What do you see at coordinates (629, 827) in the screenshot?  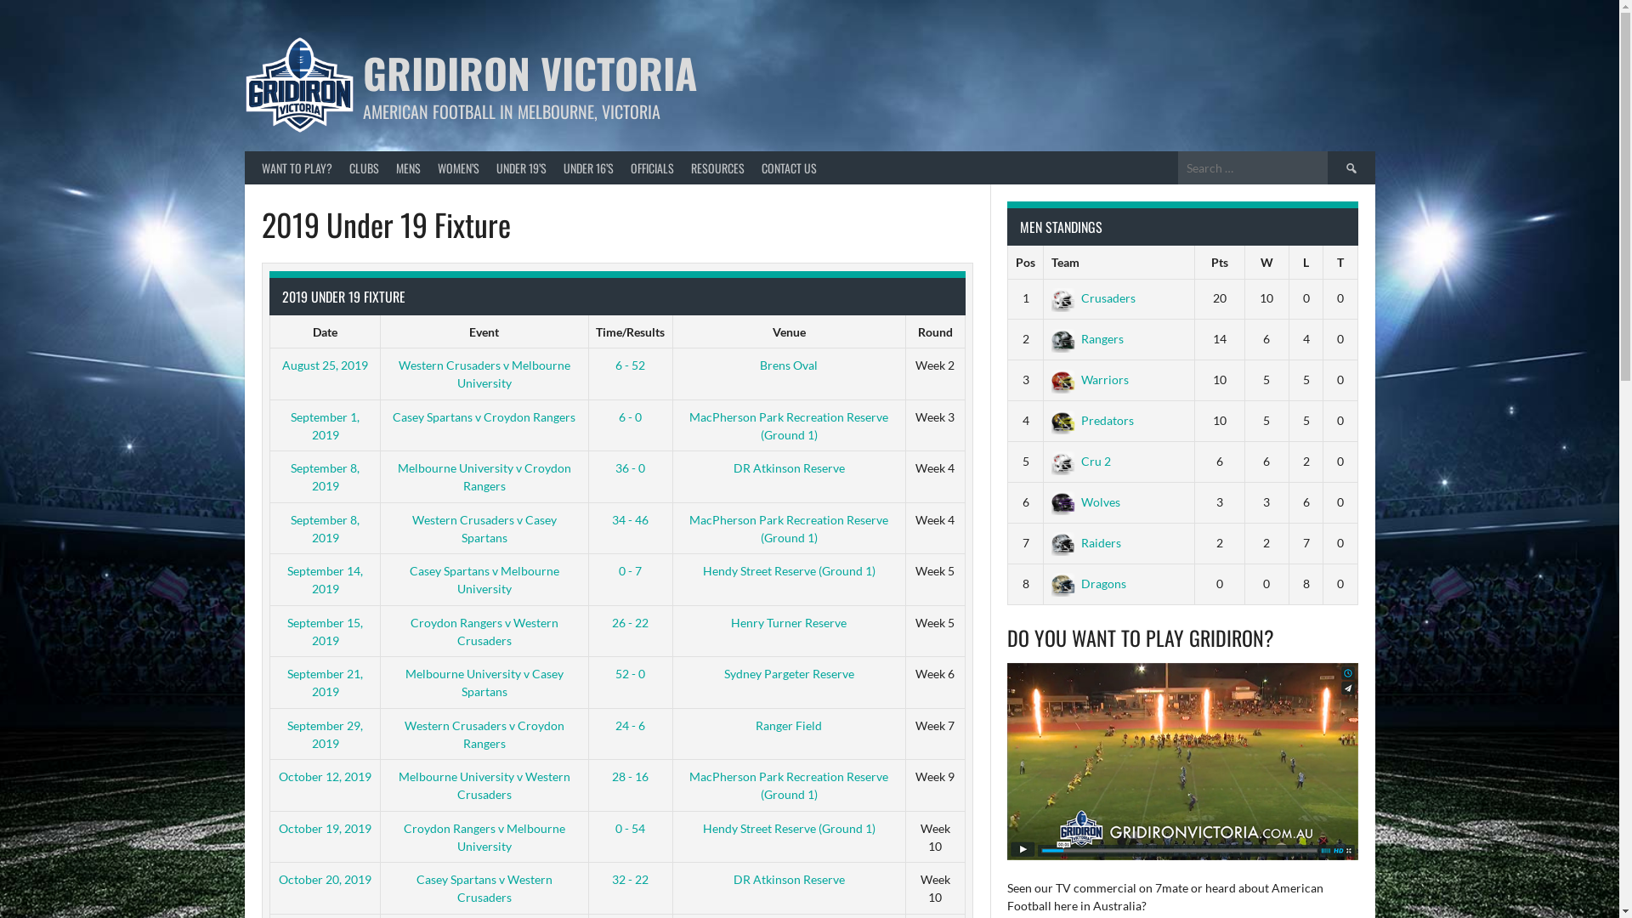 I see `'0 - 54'` at bounding box center [629, 827].